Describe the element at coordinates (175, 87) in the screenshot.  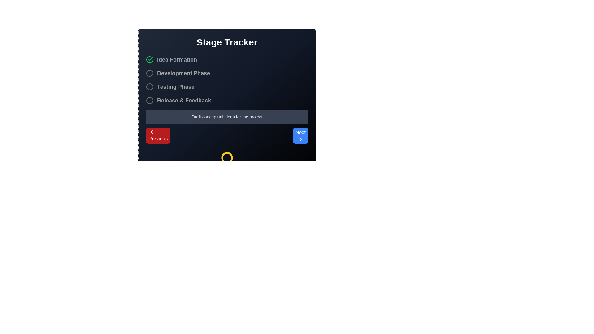
I see `the static text label displaying 'Testing Phase', which is the third item in a vertical list of labeled items` at that location.